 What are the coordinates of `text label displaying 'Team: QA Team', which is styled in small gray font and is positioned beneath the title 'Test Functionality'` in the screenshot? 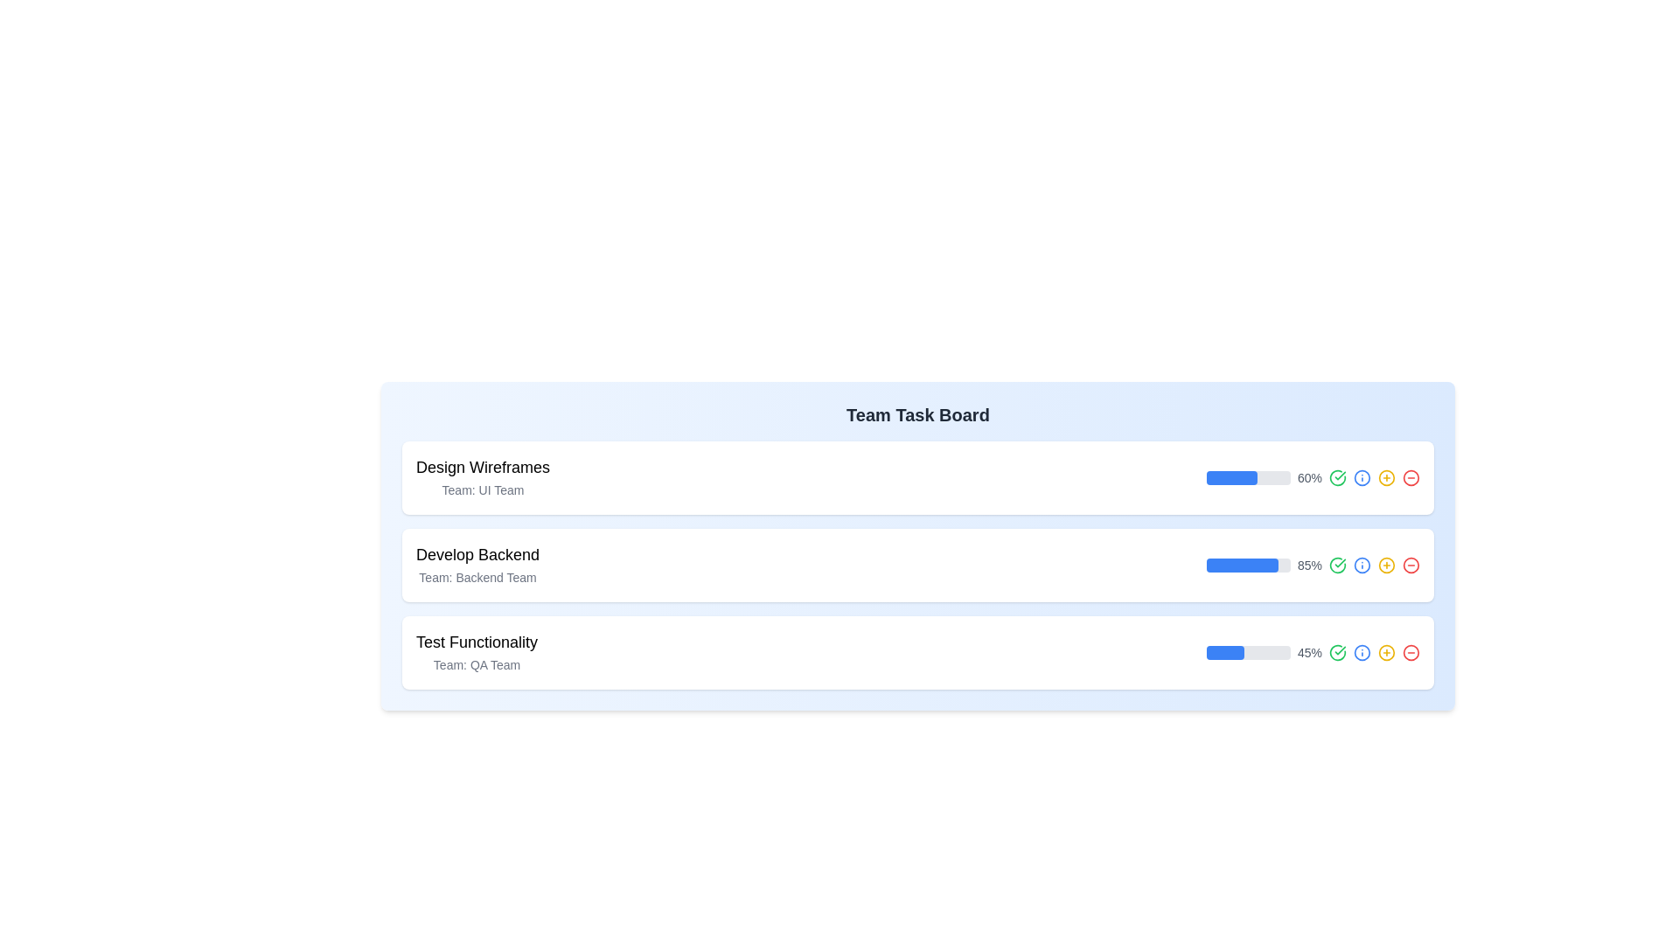 It's located at (477, 664).